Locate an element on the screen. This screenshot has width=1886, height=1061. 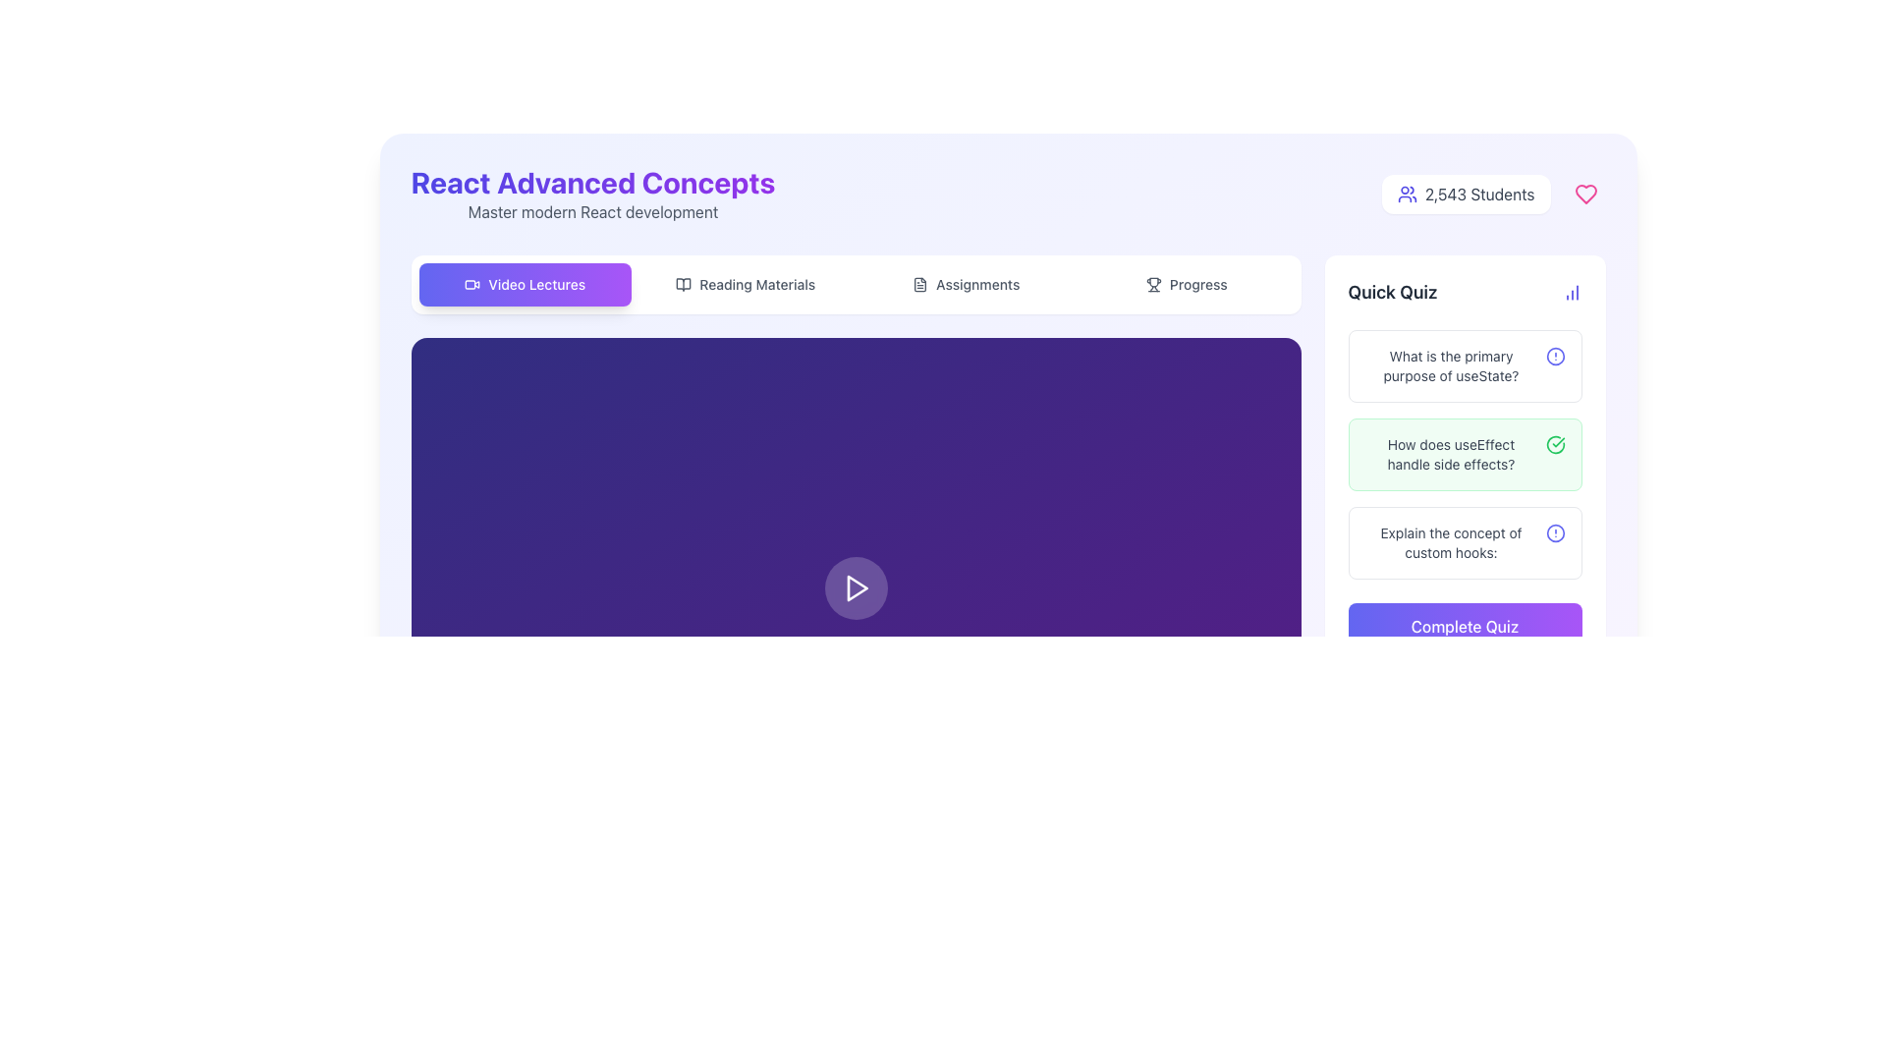
the informational display that shows the current number of students, located in the upper-right section of the interface, just to the left of a heart icon is located at coordinates (1466, 194).